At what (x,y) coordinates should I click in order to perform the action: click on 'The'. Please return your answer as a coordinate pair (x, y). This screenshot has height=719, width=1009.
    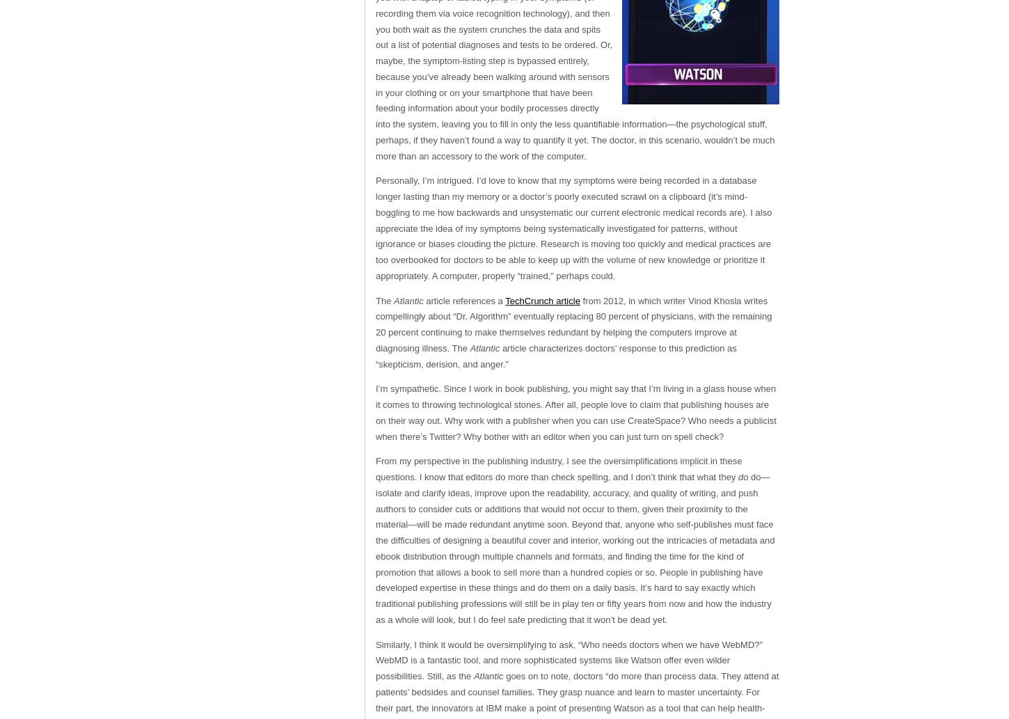
    Looking at the image, I should click on (385, 300).